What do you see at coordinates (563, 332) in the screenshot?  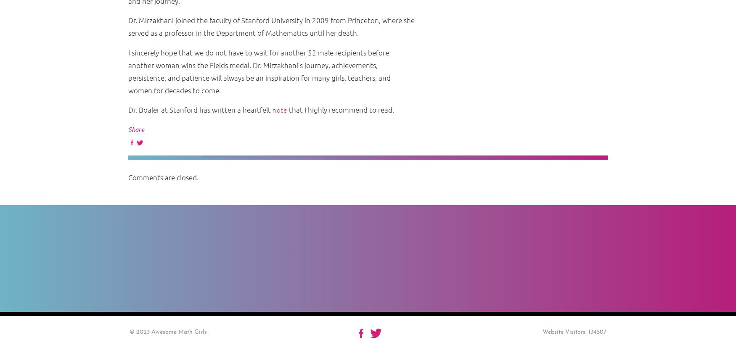 I see `'Website Visitors'` at bounding box center [563, 332].